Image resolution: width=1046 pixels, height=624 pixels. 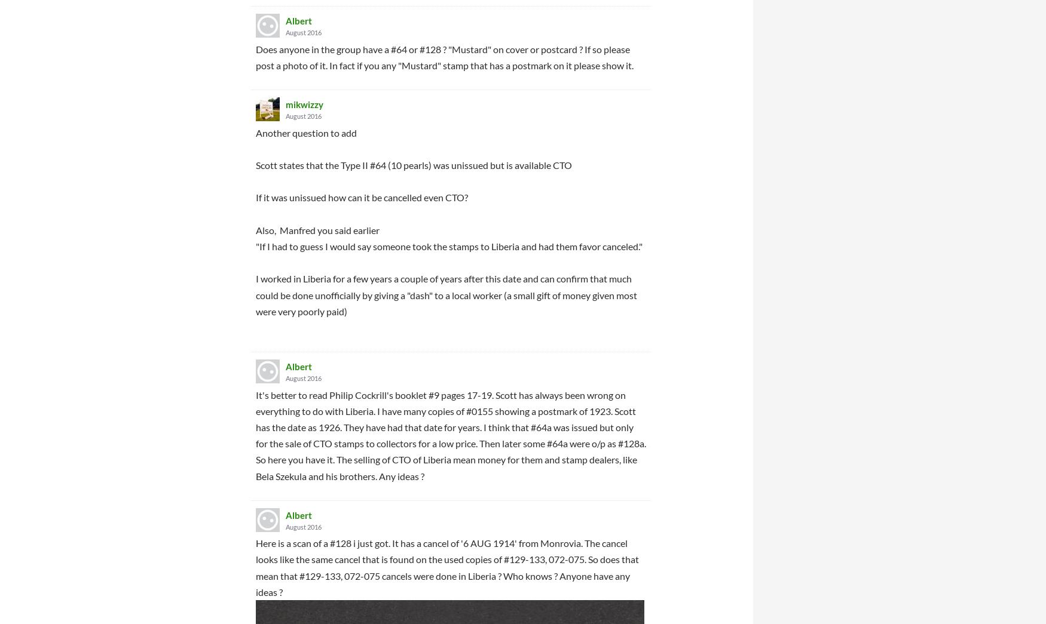 I want to click on 'It's better to read Philip Cockrill's booklet #9 pages 17-19. Scott has always been wrong on everything to do with Liberia. I have many copies of #0155 showing a postmark of 1923. Scott has the date as 1926. They have had that date for years. I think that #64a was issued but only for the sale of CTO stamps to collectors for a low price. Then later some #64a were o/p as #128a. So here you have it. The selling of CTO of Liberia mean money for them and stamp dealers, like Bela Szekula and his brothers. Any ideas ?', so click(x=450, y=434).